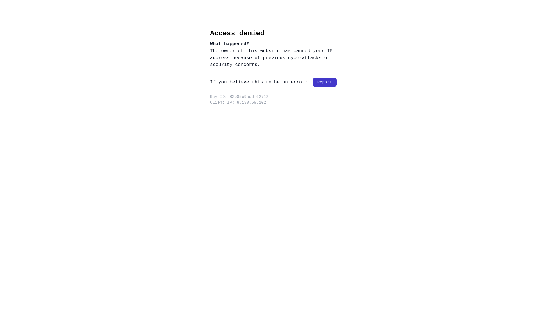 This screenshot has width=557, height=313. What do you see at coordinates (324, 82) in the screenshot?
I see `'Report'` at bounding box center [324, 82].